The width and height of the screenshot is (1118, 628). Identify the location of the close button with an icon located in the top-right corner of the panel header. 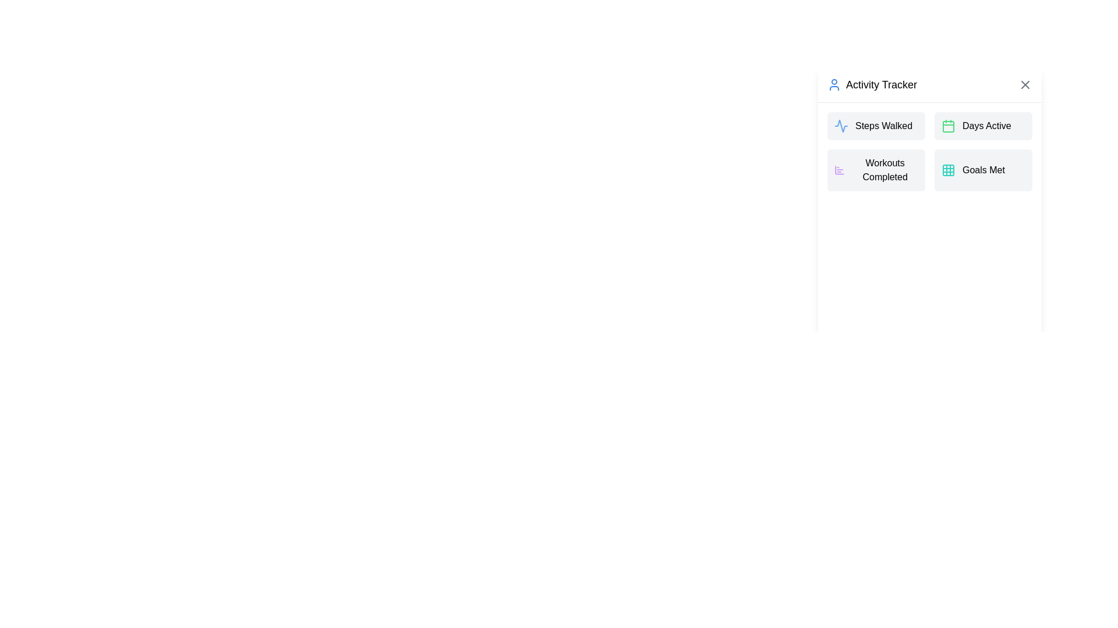
(1025, 84).